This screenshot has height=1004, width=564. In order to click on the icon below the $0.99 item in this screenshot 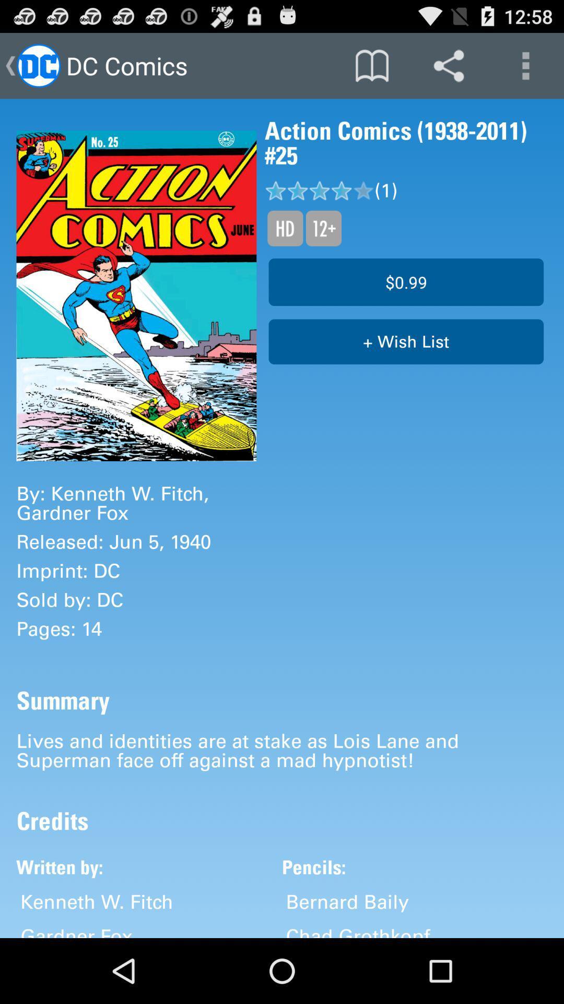, I will do `click(405, 341)`.